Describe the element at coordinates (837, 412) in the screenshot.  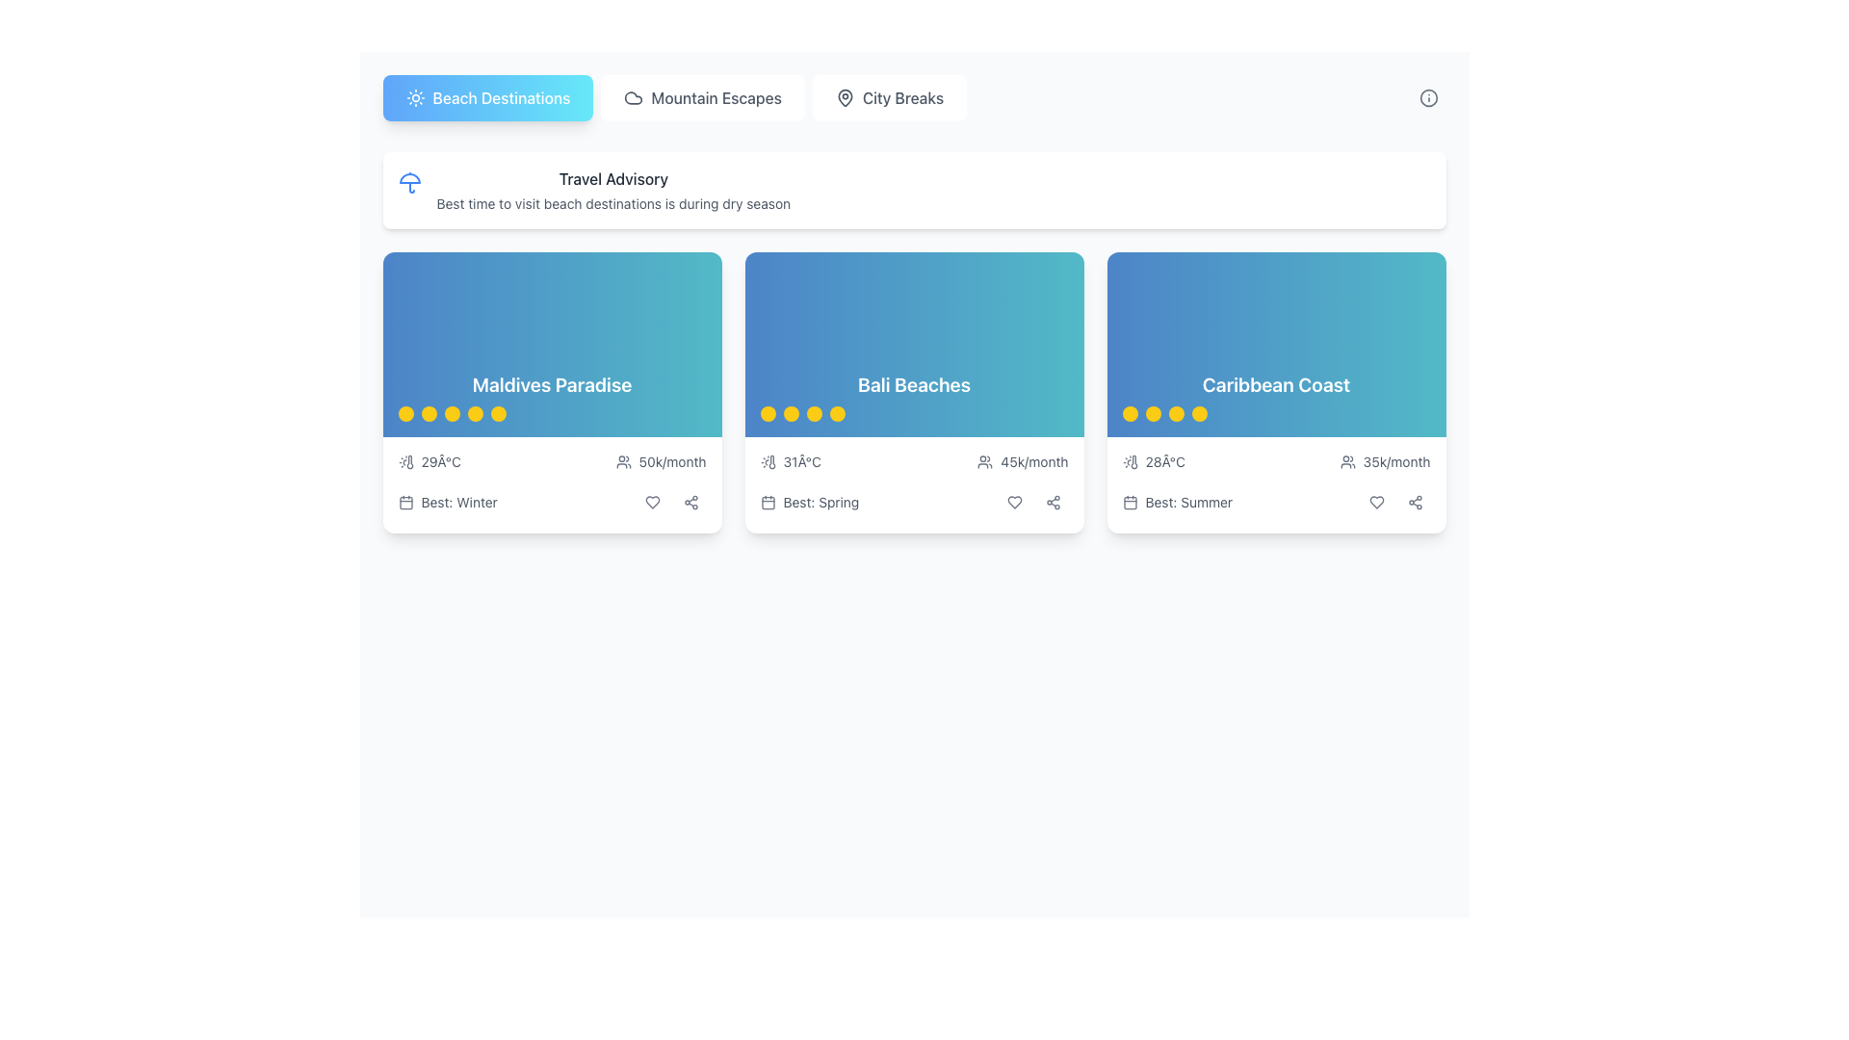
I see `the fourth yellow circular icon in the 'Bali Beaches' section, which serves as a visual rating indicator` at that location.